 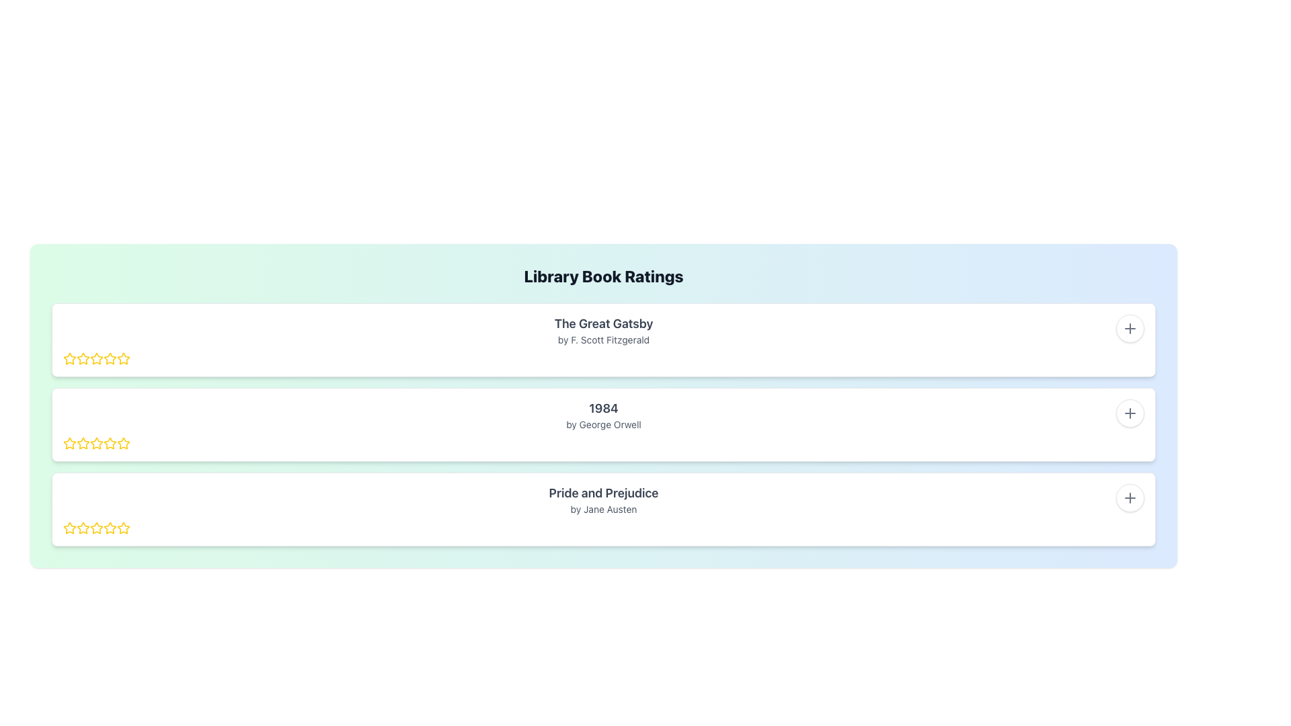 What do you see at coordinates (1130, 497) in the screenshot?
I see `the circular plus icon located at the top-right corner of the box representing 'Pride and Prejudice' by Jane Austen to initiate an action` at bounding box center [1130, 497].